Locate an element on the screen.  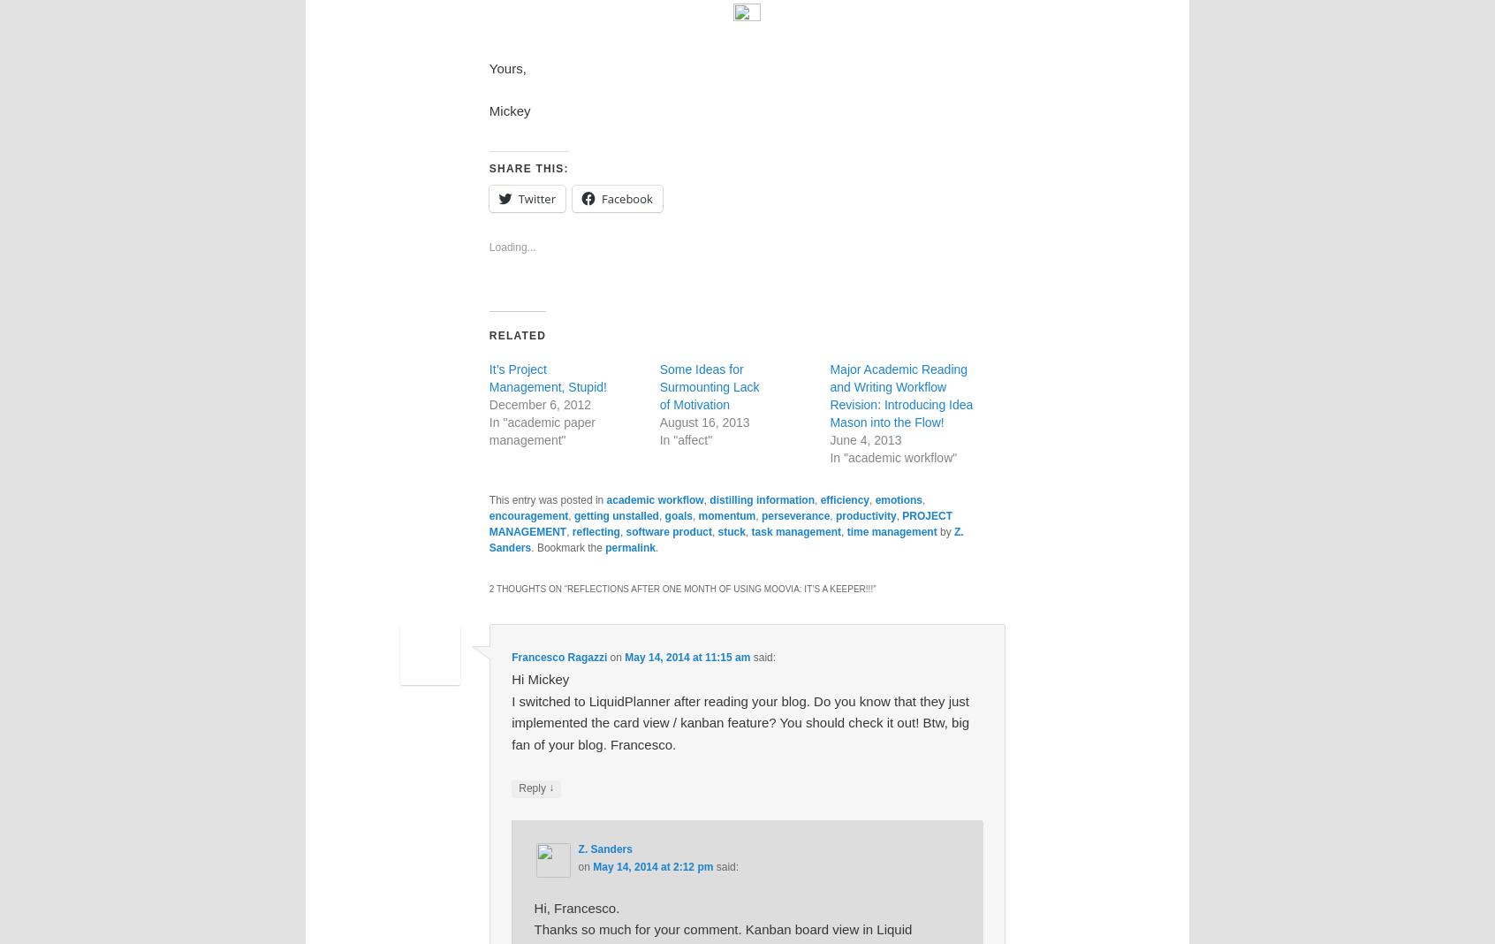
'distilling information' is located at coordinates (761, 499).